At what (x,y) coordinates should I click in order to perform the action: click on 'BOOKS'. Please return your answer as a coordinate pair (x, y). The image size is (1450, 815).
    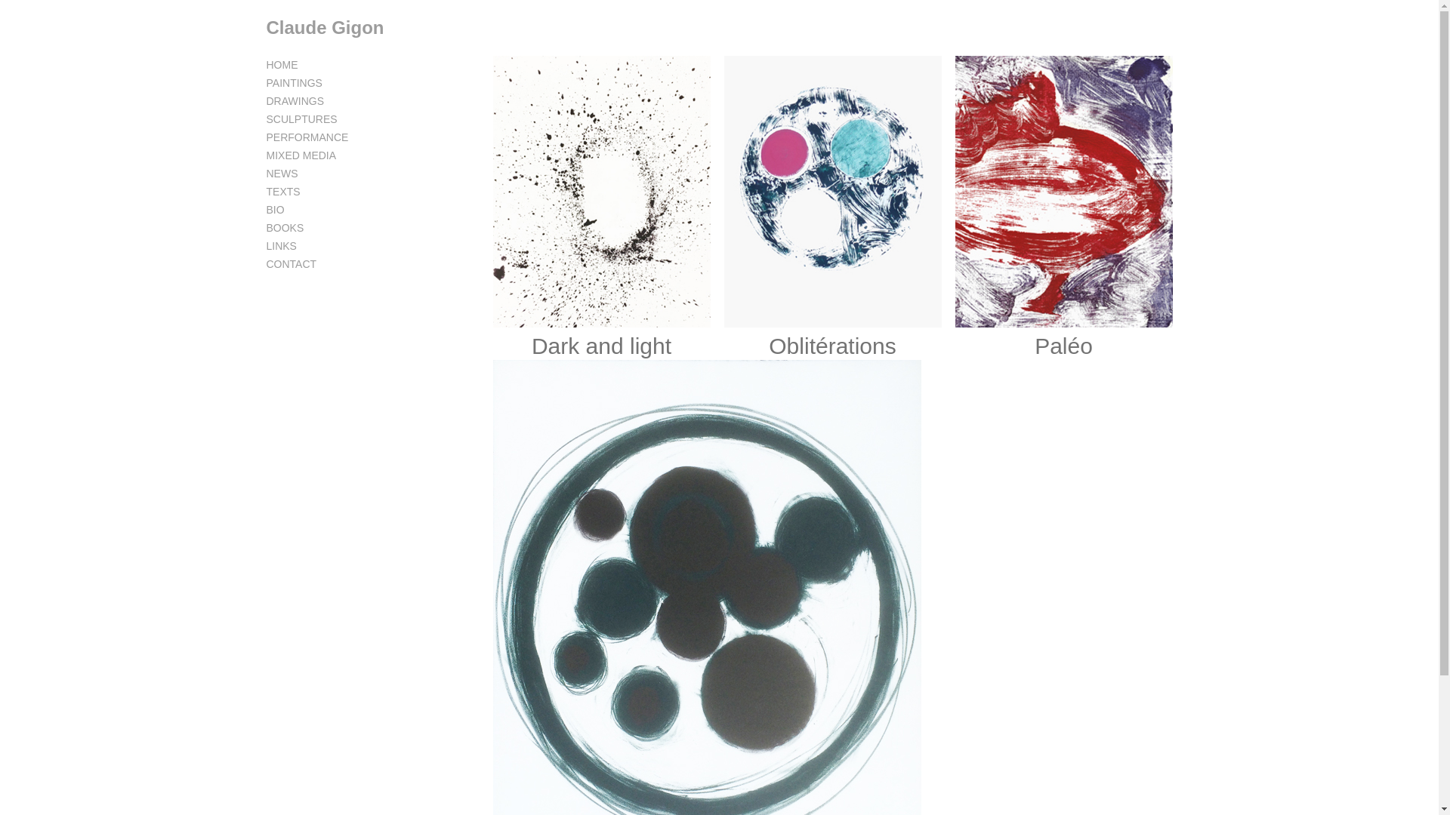
    Looking at the image, I should click on (285, 227).